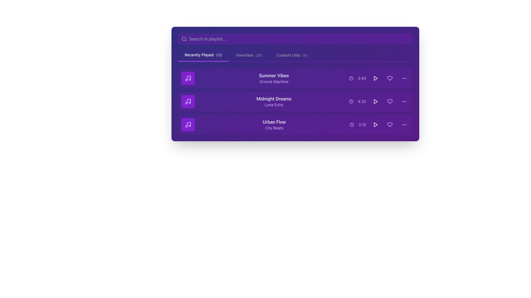  I want to click on the circular shape of the clock icon, which is part of the 'Urban Flow' playlist entry, so click(352, 124).